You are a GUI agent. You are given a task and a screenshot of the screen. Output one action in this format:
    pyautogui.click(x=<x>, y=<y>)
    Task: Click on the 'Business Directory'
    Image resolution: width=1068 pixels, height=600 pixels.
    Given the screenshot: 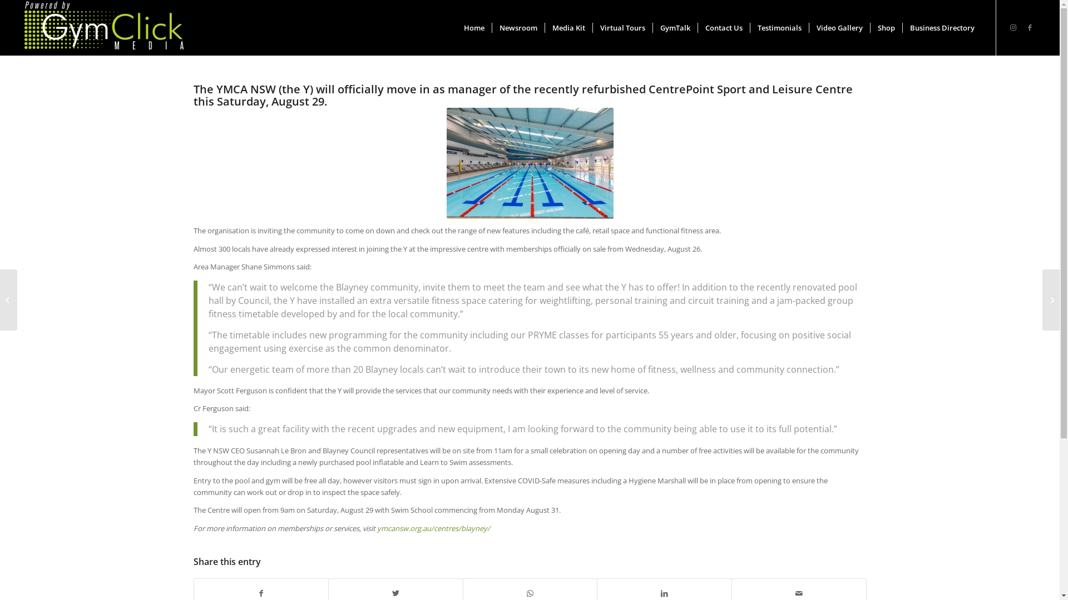 What is the action you would take?
    pyautogui.click(x=941, y=27)
    